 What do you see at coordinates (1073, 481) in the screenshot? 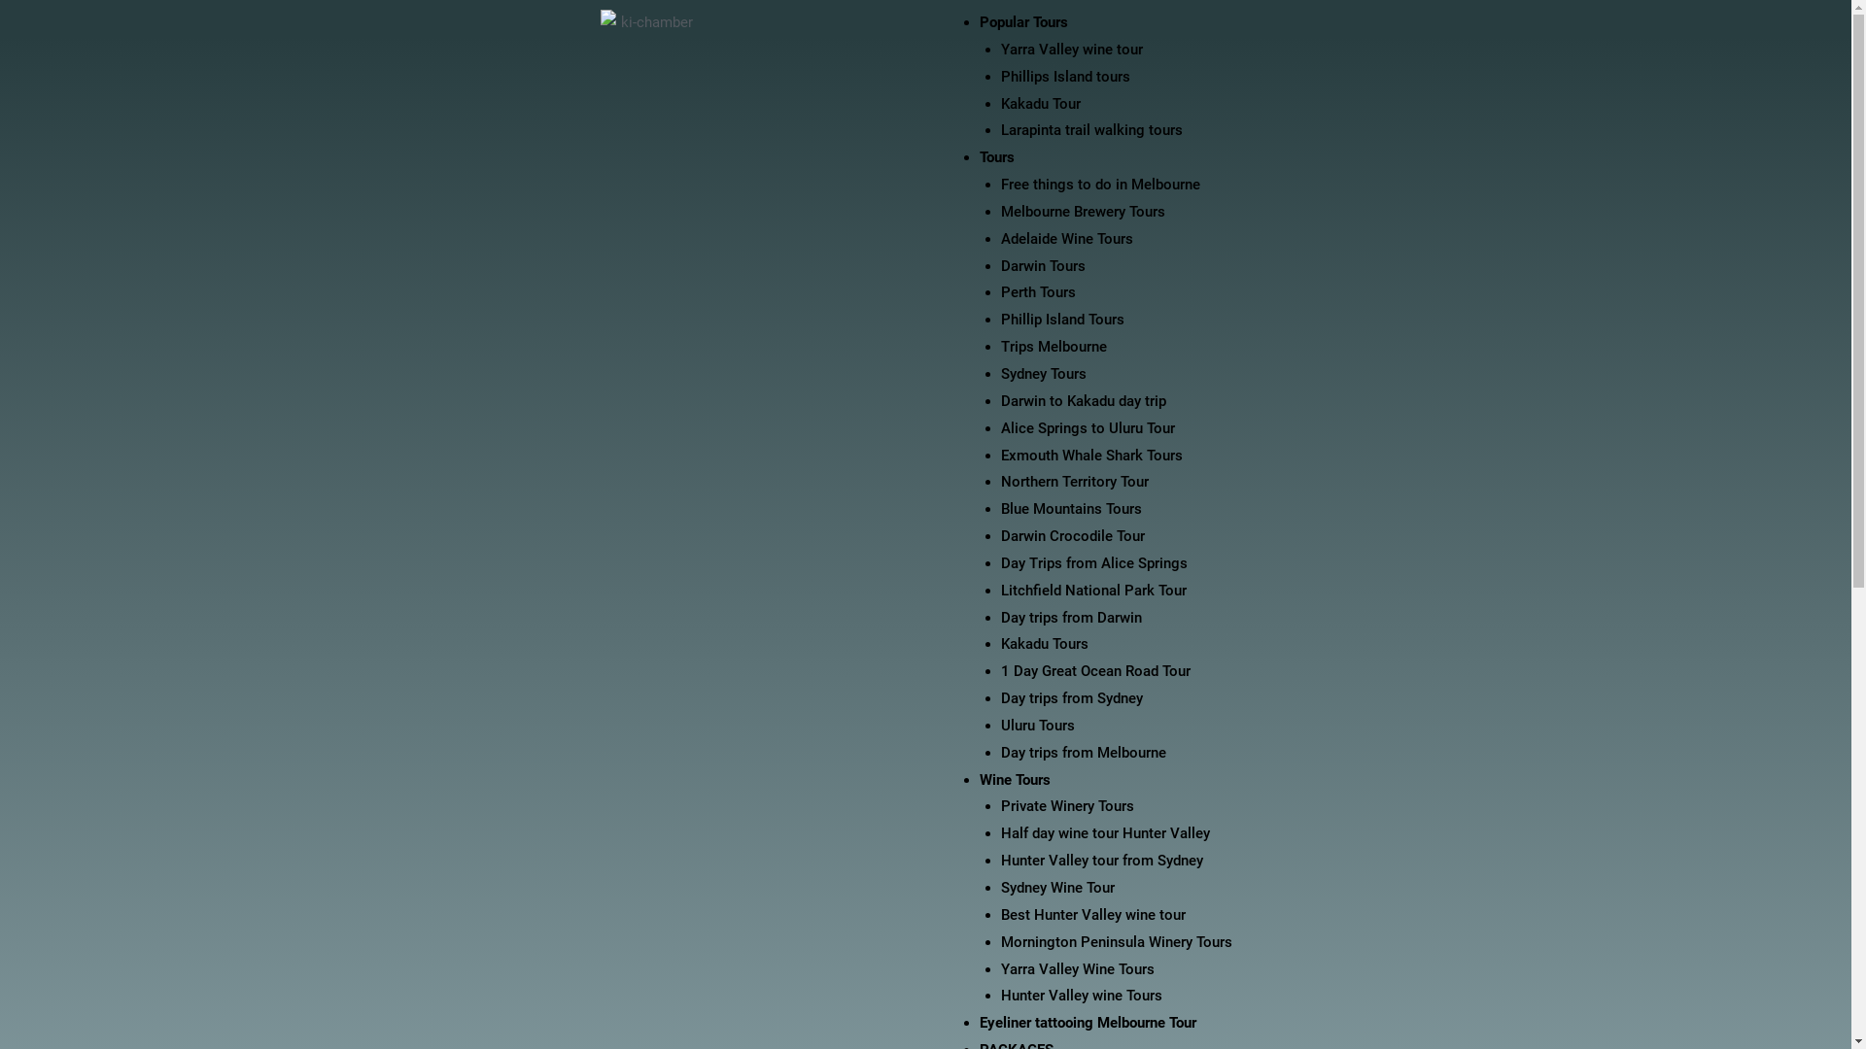
I see `'Northern Territory Tour'` at bounding box center [1073, 481].